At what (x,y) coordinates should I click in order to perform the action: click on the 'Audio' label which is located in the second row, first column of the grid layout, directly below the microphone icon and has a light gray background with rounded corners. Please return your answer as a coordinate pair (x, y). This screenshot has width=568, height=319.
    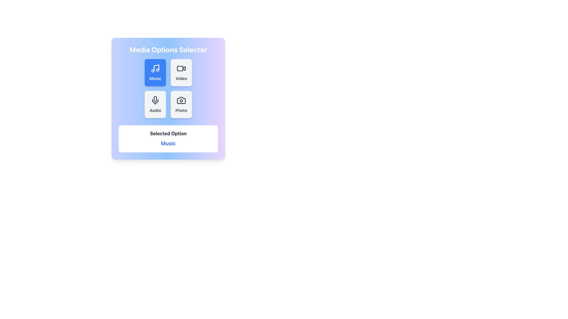
    Looking at the image, I should click on (155, 110).